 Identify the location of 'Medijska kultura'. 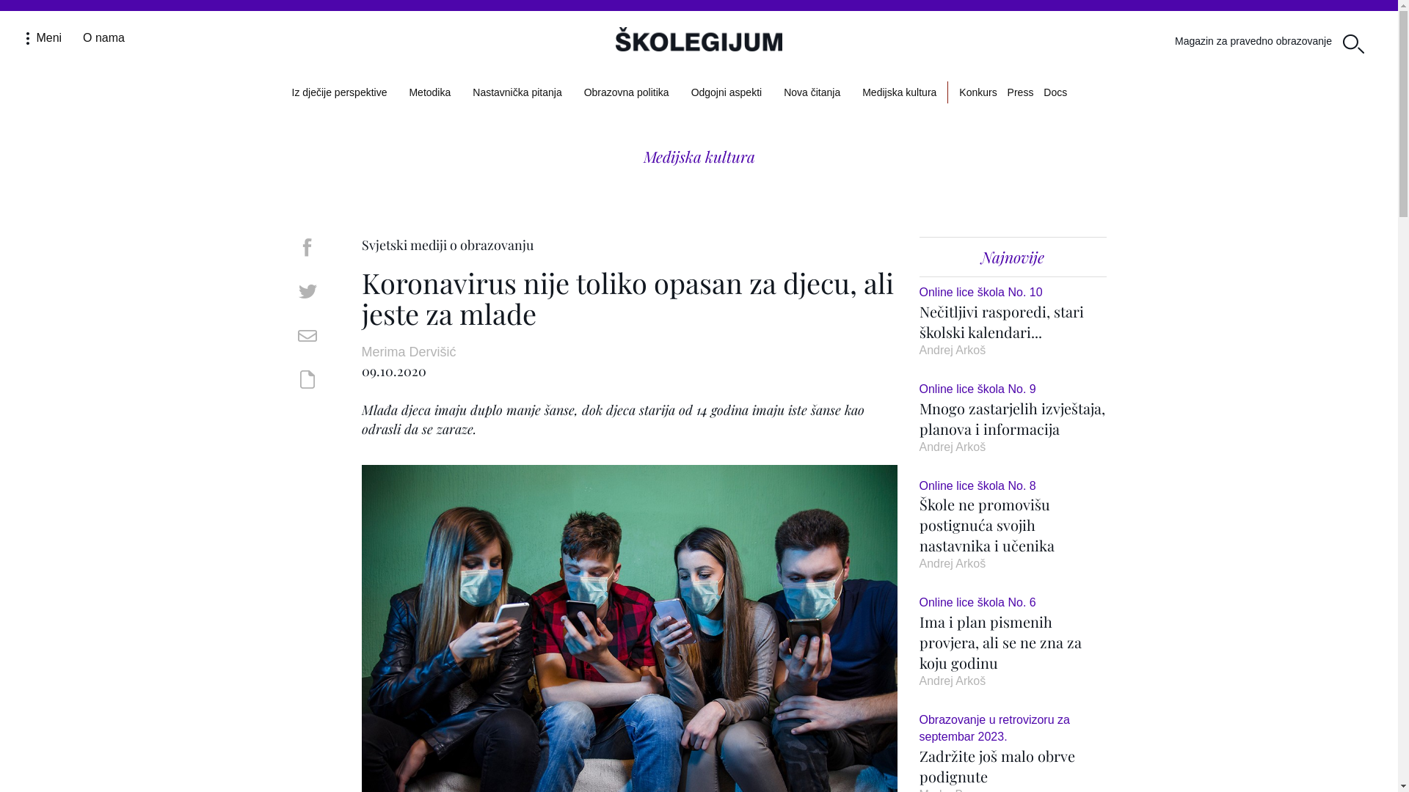
(697, 155).